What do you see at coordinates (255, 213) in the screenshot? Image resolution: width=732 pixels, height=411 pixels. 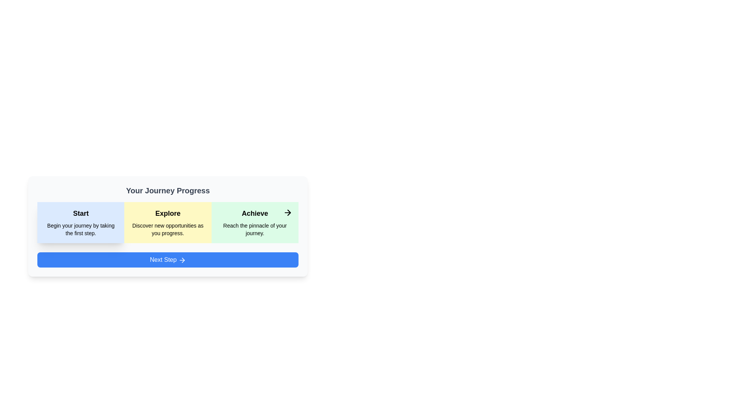 I see `the text label representing the 'Achieve' stage in the user journey, located at the top center of a light green box in the third column` at bounding box center [255, 213].